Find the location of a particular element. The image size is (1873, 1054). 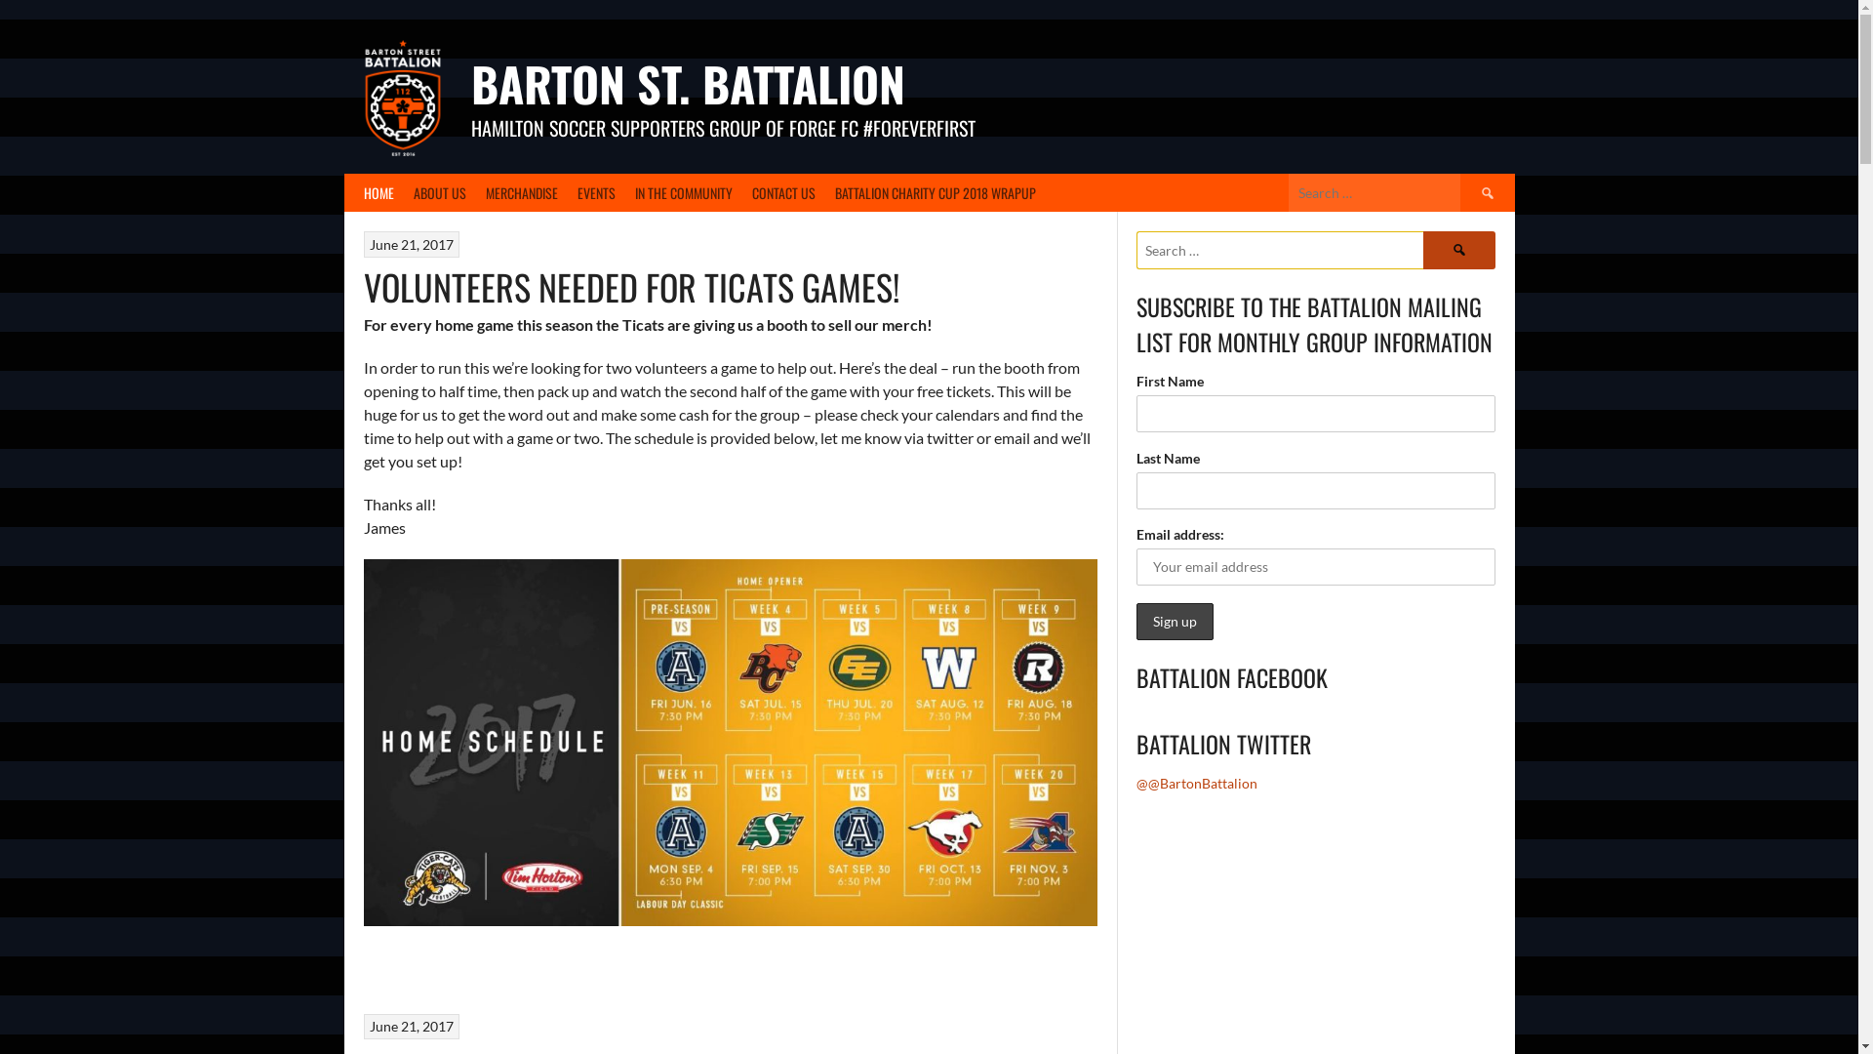

'IN THE COMMUNITY' is located at coordinates (622, 192).